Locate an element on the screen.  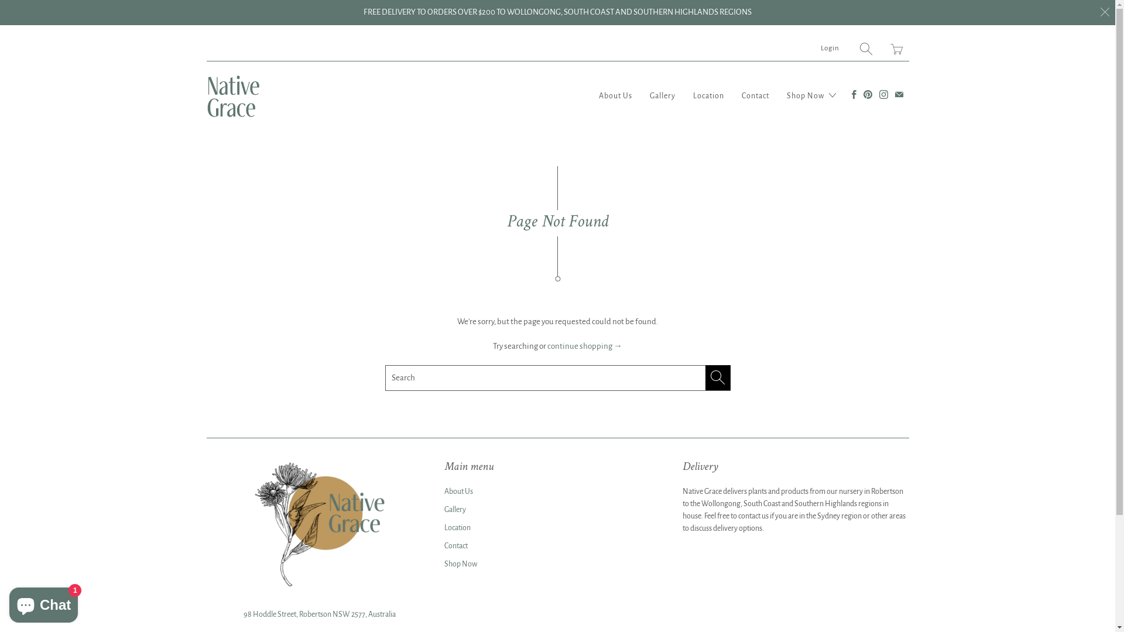
'Location' is located at coordinates (708, 95).